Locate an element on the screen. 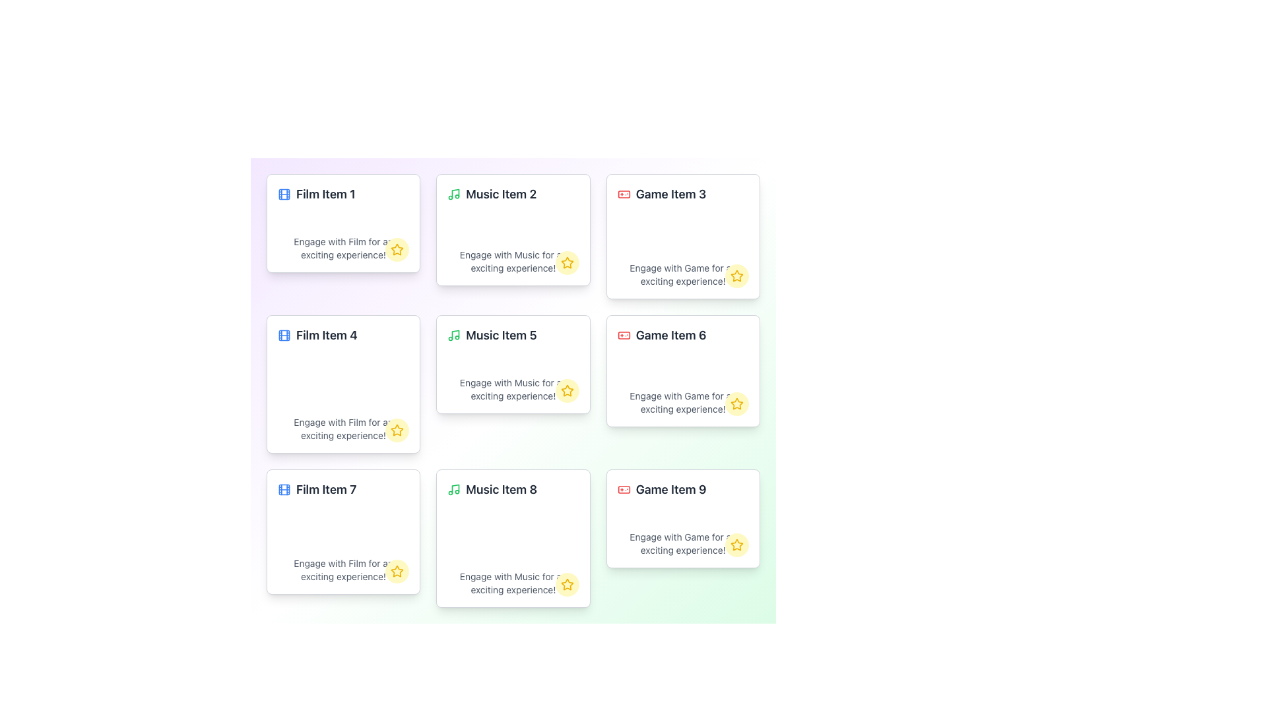 Image resolution: width=1267 pixels, height=712 pixels. the rectangular graphical component with rounded corners located at the center of the gamepad icon, which is positioned in the upper section of the third card in the first row of a 3x3 grid layout is located at coordinates (623, 194).